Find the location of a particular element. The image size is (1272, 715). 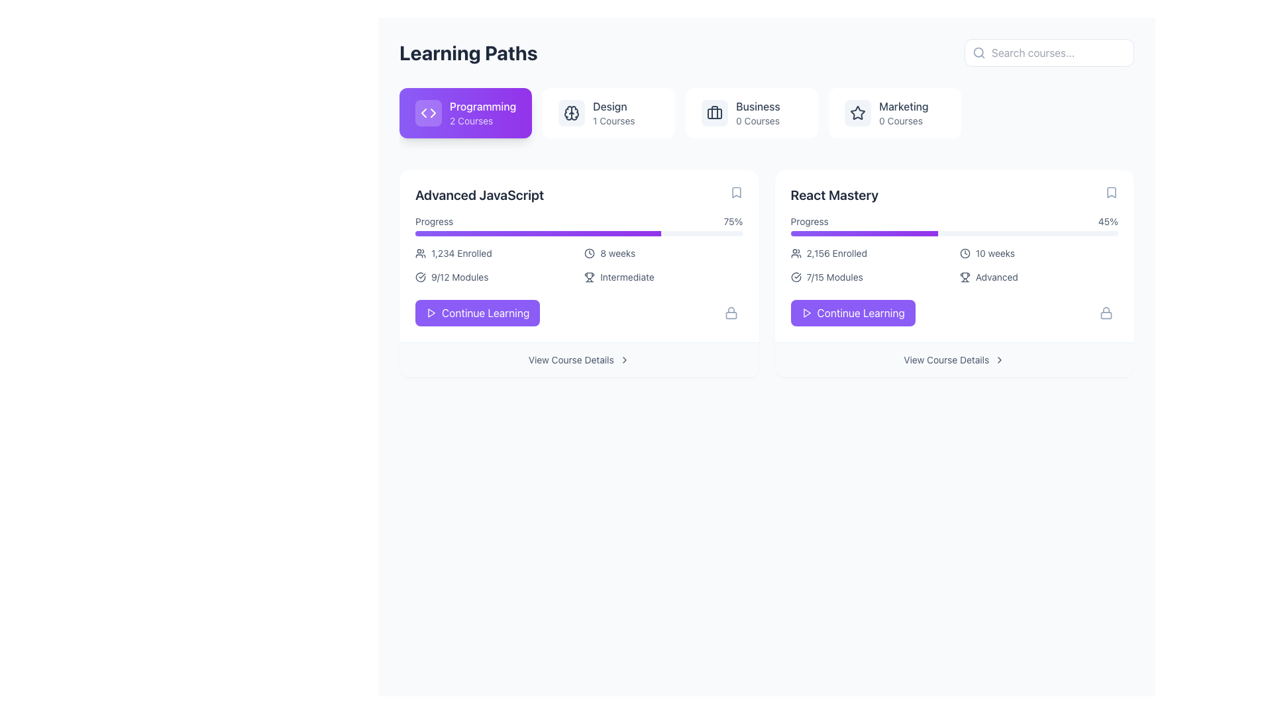

the bookmark icon in the top-right corner of the 'React Mastery' course panel is located at coordinates (1112, 192).